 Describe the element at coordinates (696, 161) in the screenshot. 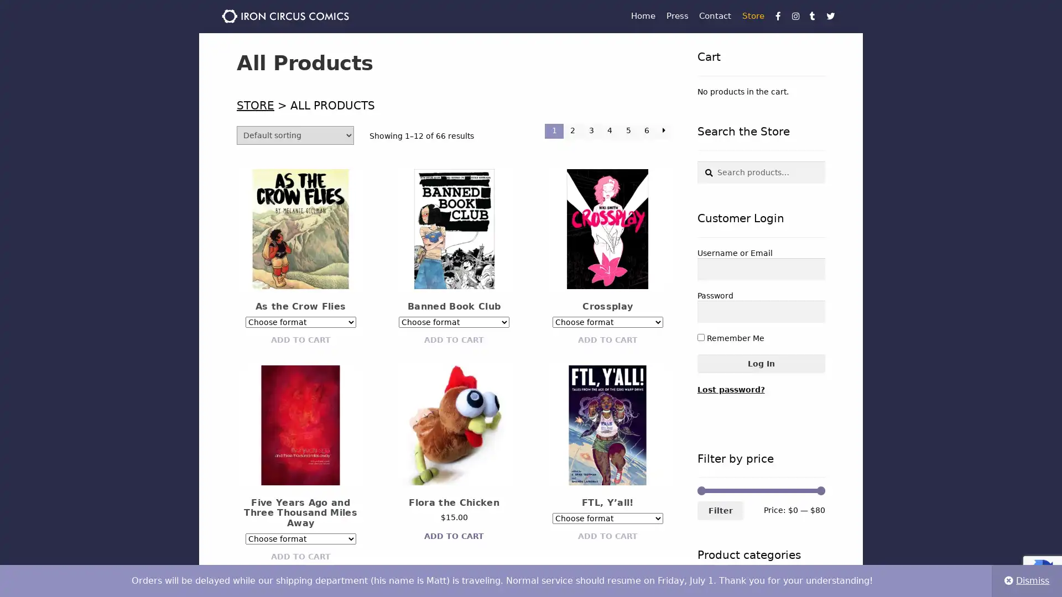

I see `Search` at that location.